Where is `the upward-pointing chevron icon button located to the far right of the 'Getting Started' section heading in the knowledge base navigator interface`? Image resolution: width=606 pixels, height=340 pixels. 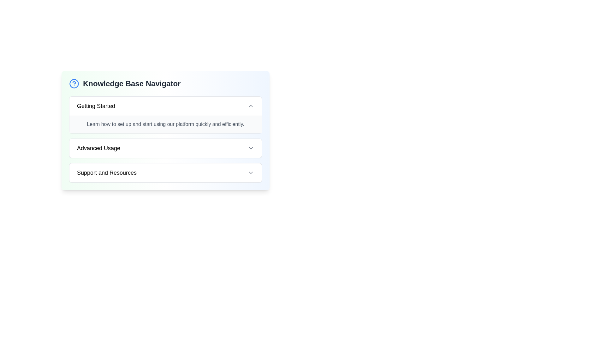
the upward-pointing chevron icon button located to the far right of the 'Getting Started' section heading in the knowledge base navigator interface is located at coordinates (251, 105).